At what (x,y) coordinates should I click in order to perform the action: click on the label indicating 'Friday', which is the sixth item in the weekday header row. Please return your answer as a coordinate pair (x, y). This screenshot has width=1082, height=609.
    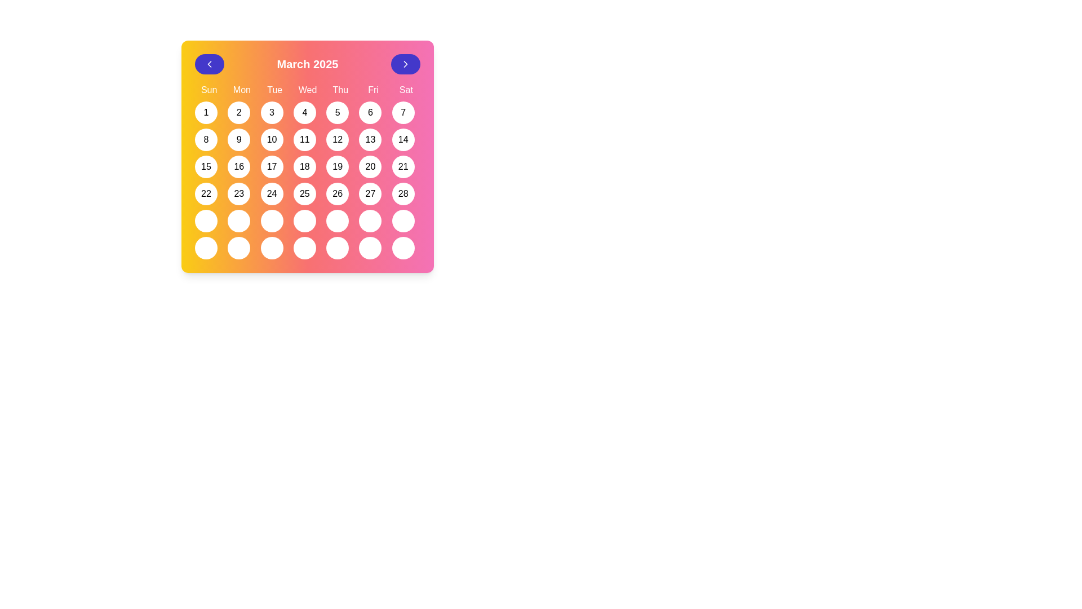
    Looking at the image, I should click on (373, 89).